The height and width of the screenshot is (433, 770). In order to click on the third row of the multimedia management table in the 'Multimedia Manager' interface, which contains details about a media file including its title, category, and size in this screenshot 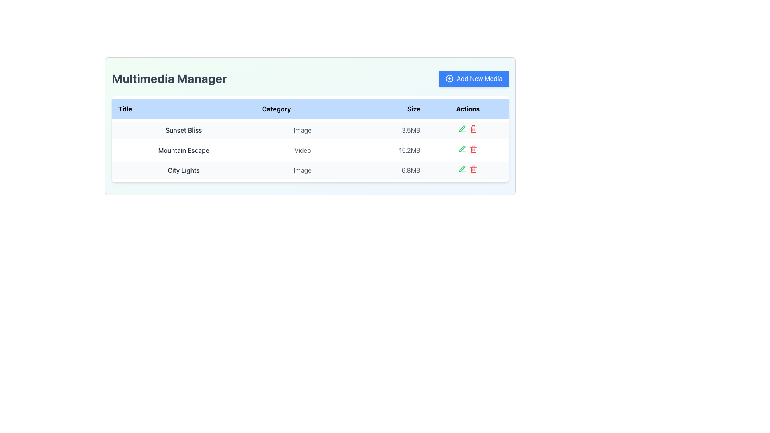, I will do `click(310, 170)`.